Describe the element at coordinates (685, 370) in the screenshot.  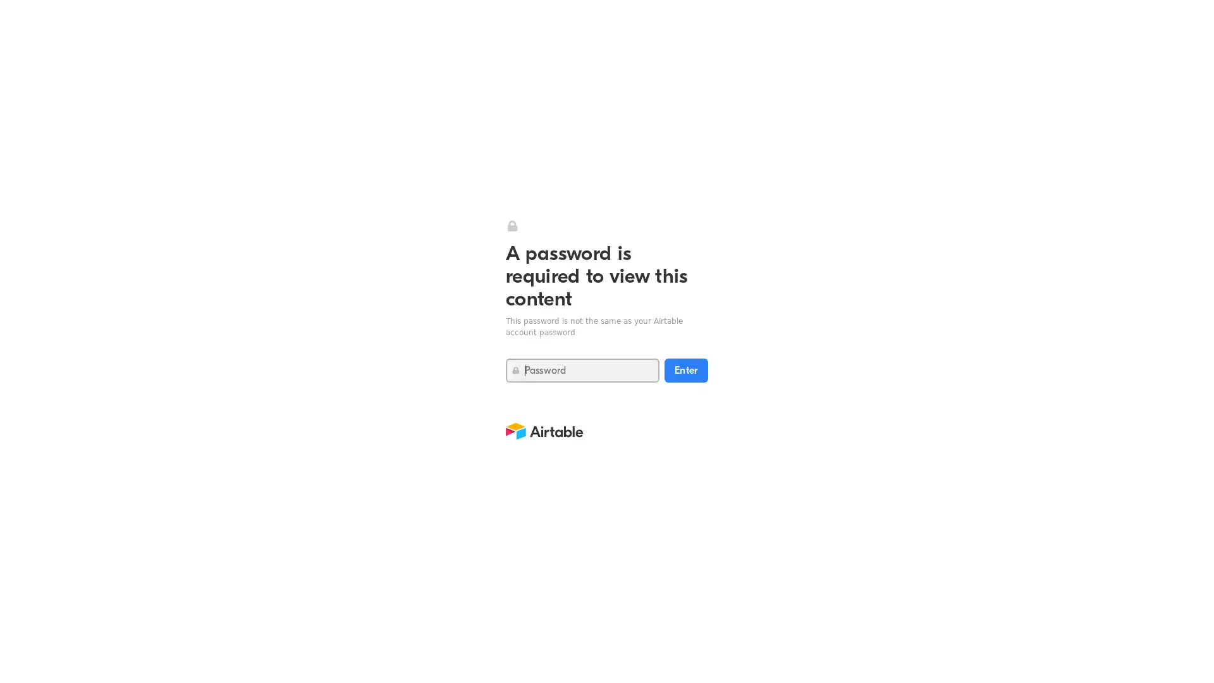
I see `Enter` at that location.